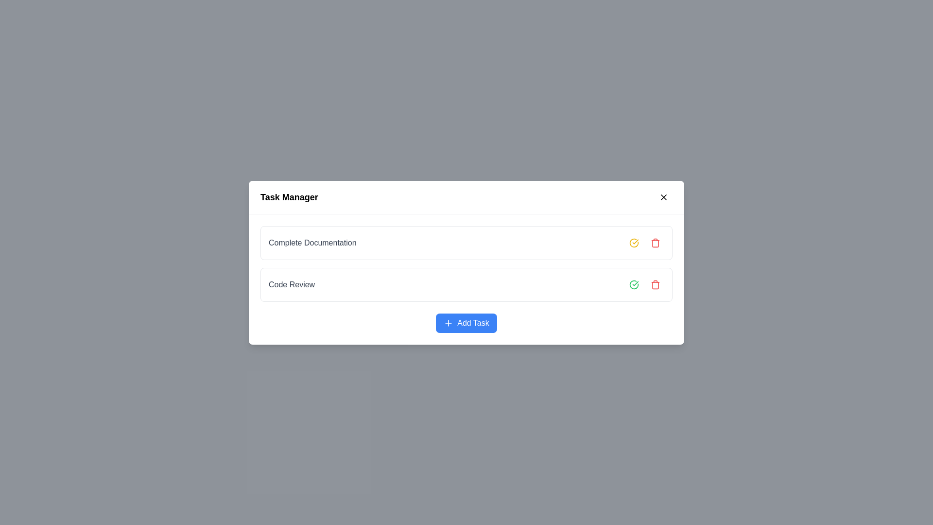  Describe the element at coordinates (634, 284) in the screenshot. I see `the completion icon indicating the task 'Complete Documentation' in the task manager interface, which is positioned to the right of the task description` at that location.